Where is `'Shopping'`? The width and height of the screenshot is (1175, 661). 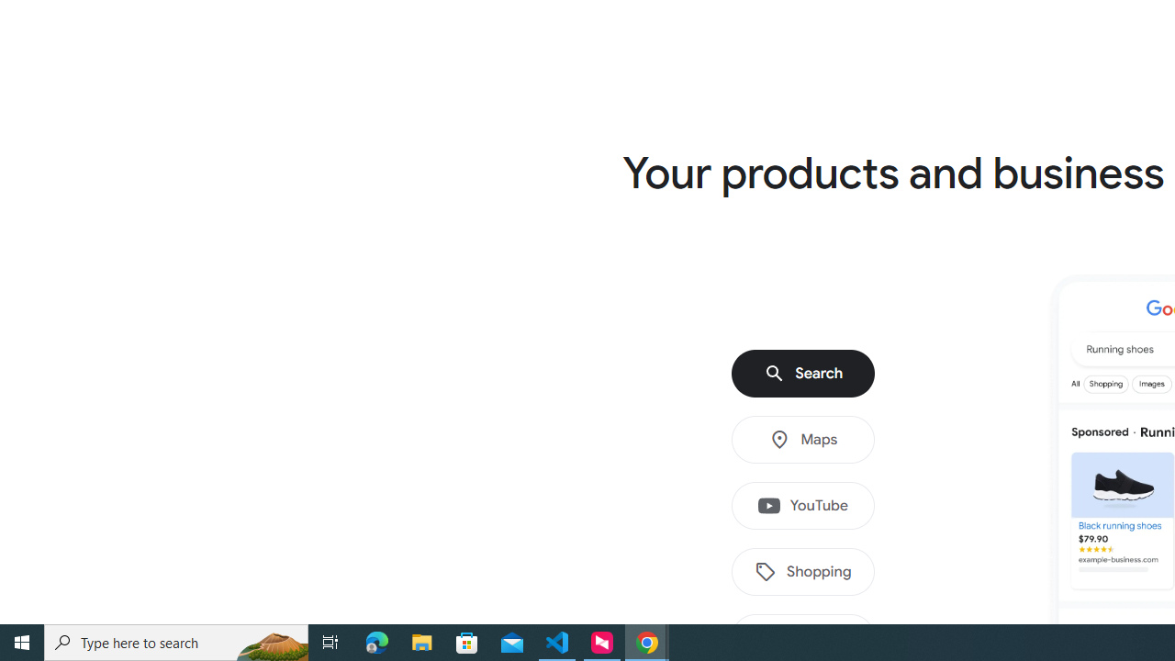
'Shopping' is located at coordinates (803, 571).